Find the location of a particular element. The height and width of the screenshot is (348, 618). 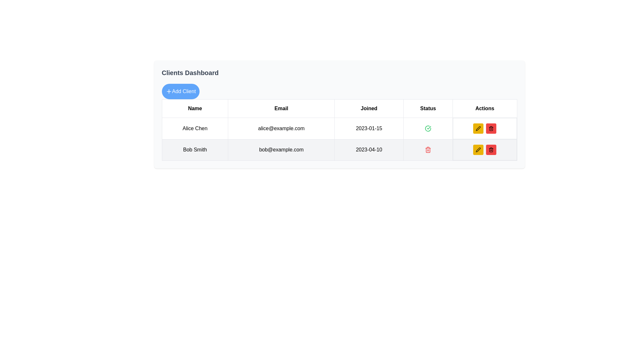

the 'Clients Dashboard' text label, which is styled in bold, large gray font and located above the '+ Add Client' button is located at coordinates (190, 72).